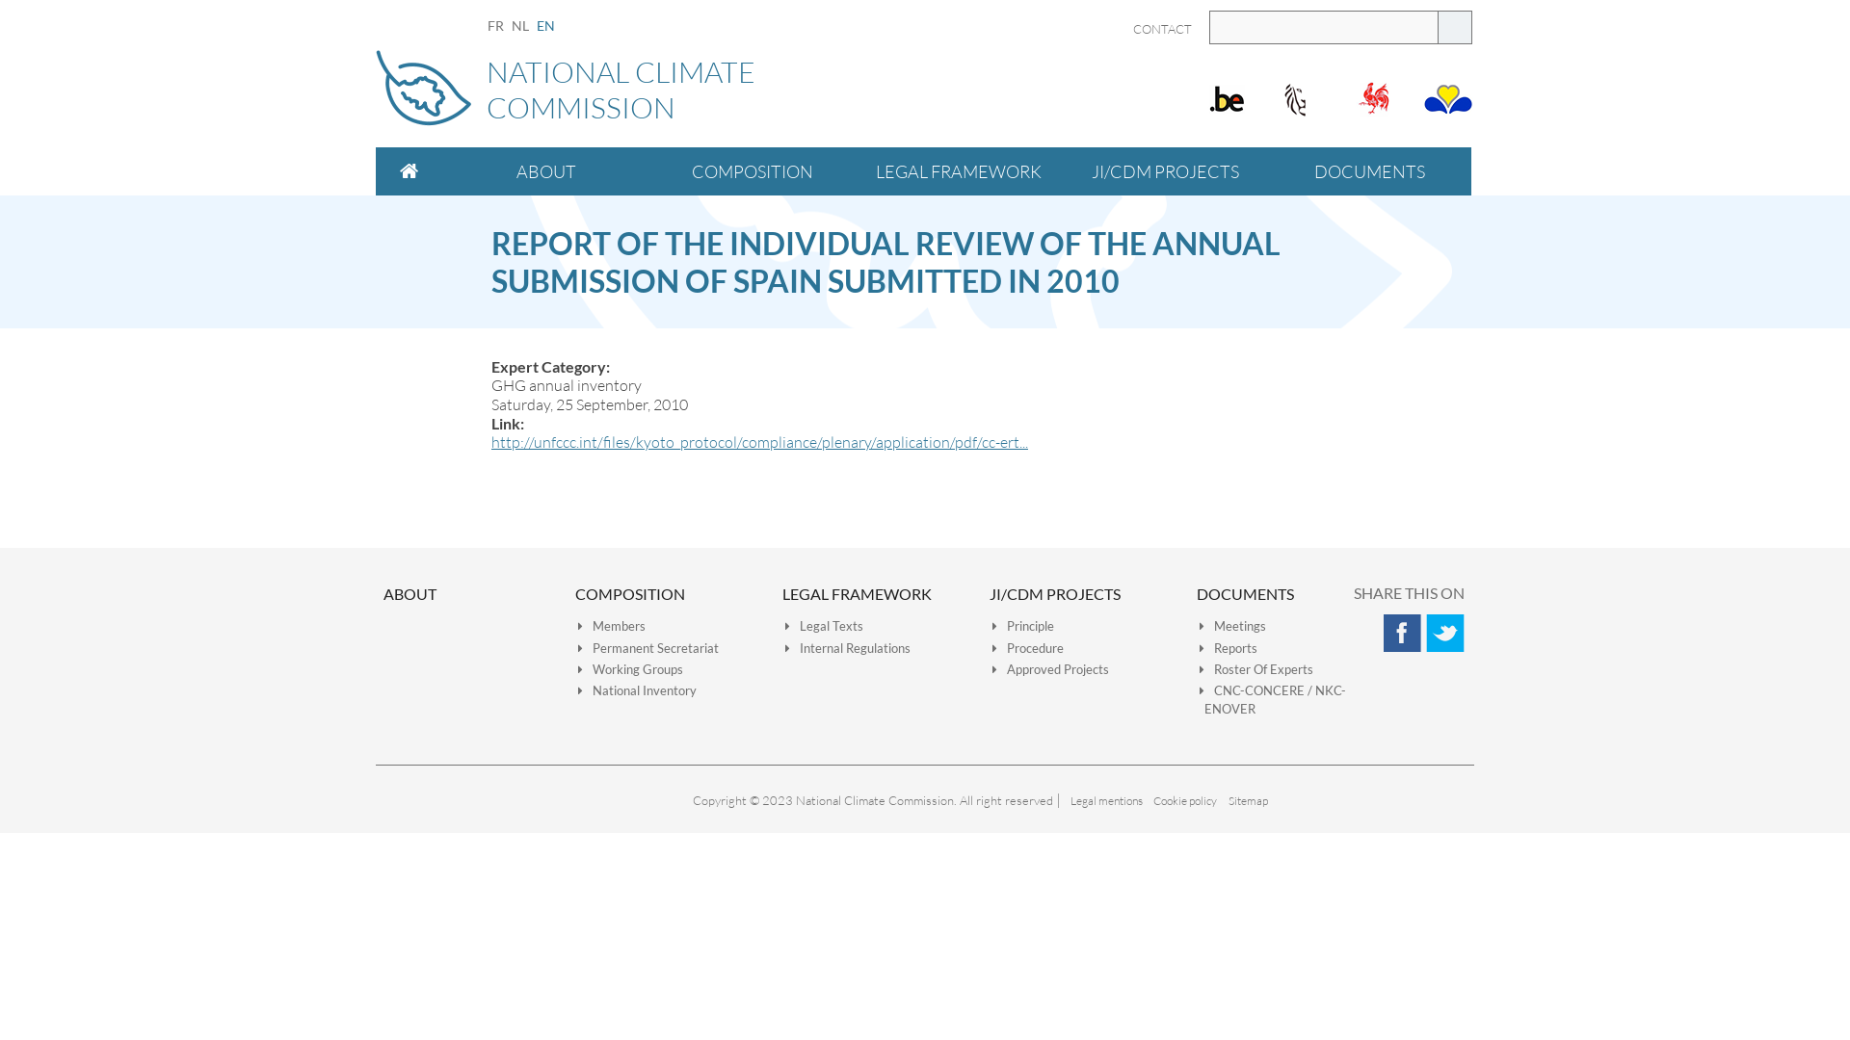 This screenshot has height=1040, width=1850. Describe the element at coordinates (1455, 27) in the screenshot. I see `'Search'` at that location.